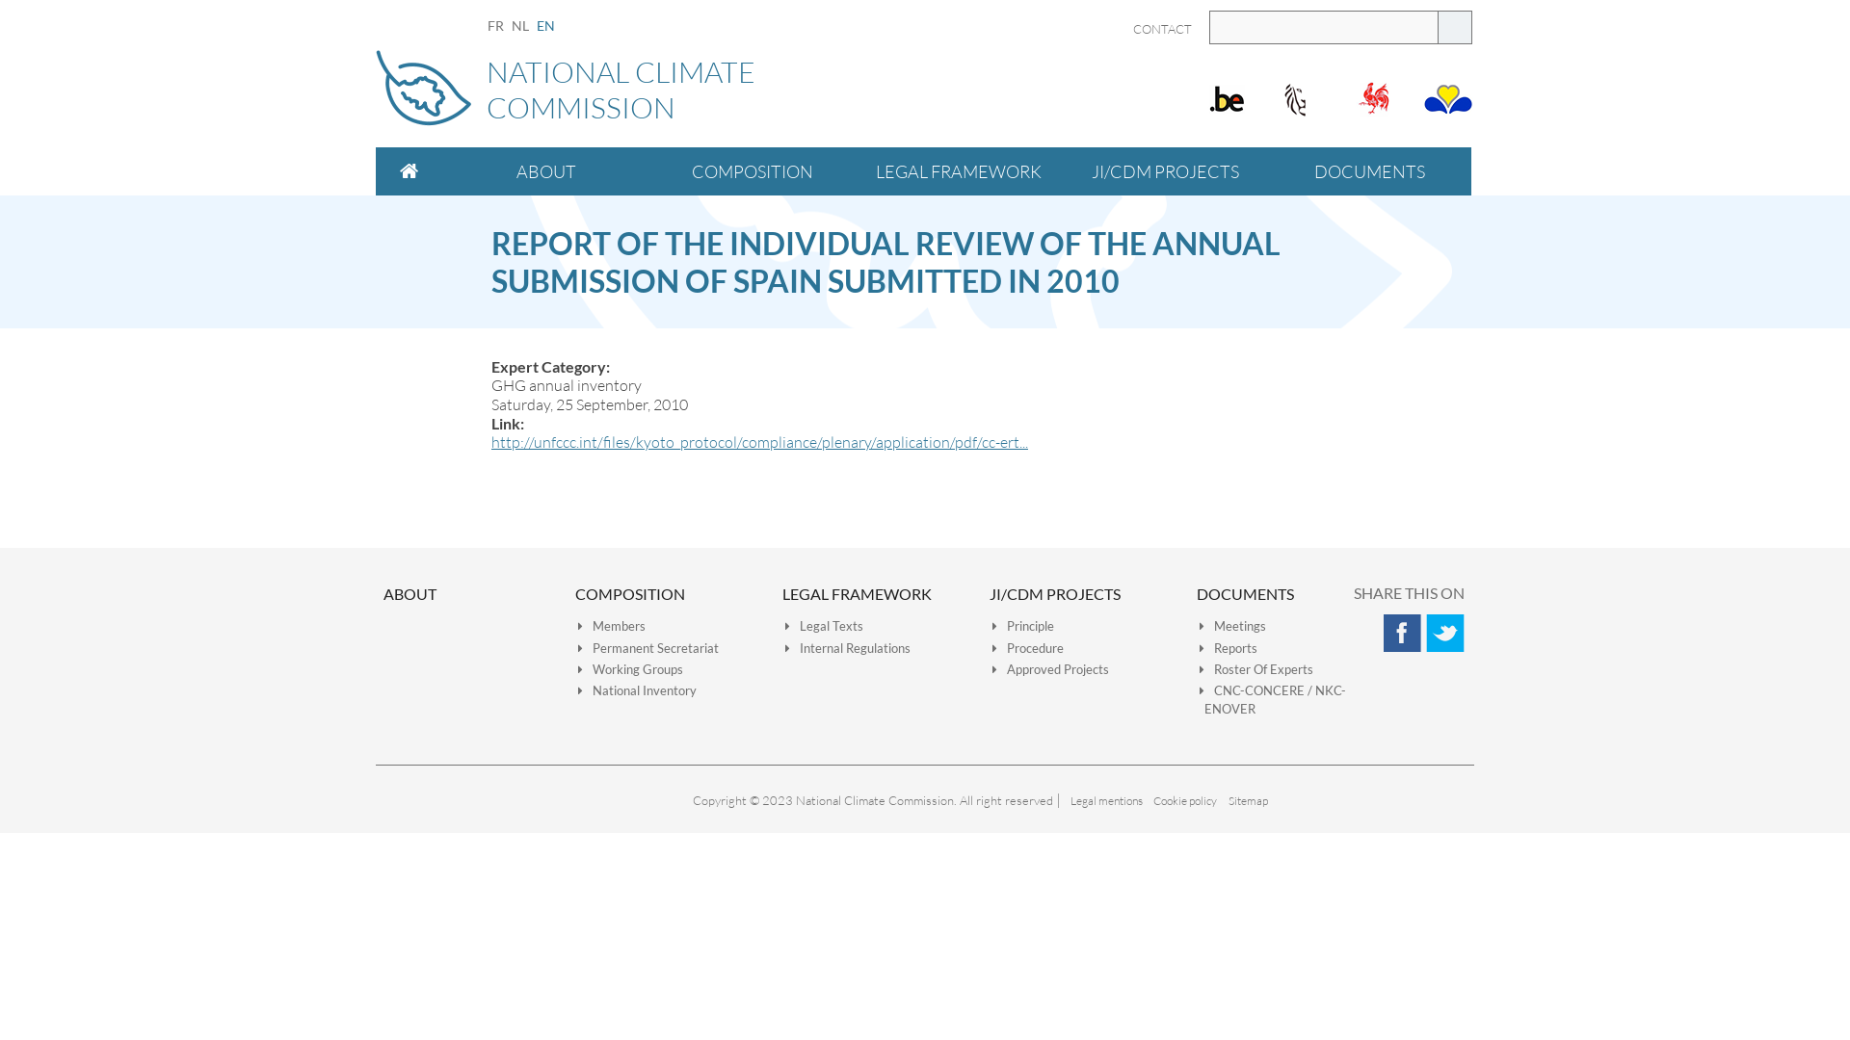 This screenshot has height=1040, width=1850. Describe the element at coordinates (1455, 27) in the screenshot. I see `'Search'` at that location.